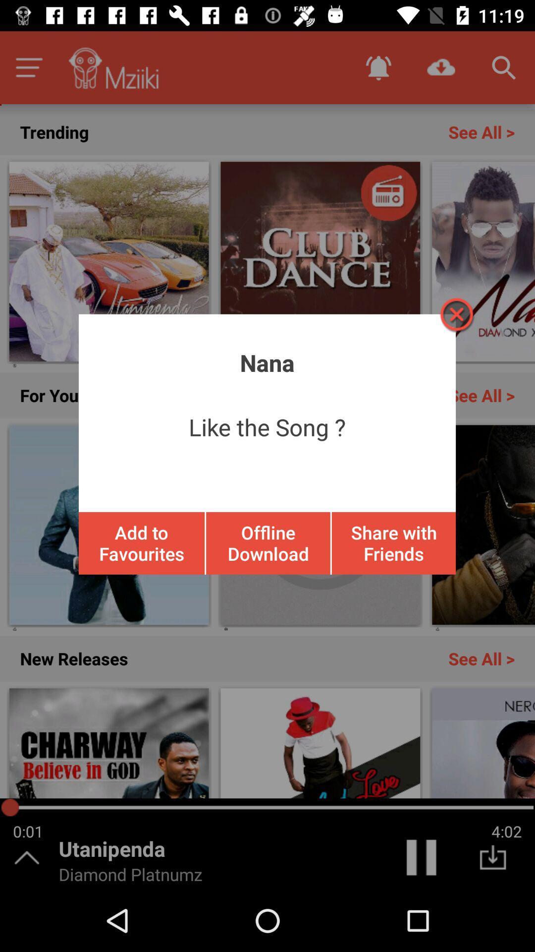  Describe the element at coordinates (456, 314) in the screenshot. I see `the app to the right of the nana app` at that location.